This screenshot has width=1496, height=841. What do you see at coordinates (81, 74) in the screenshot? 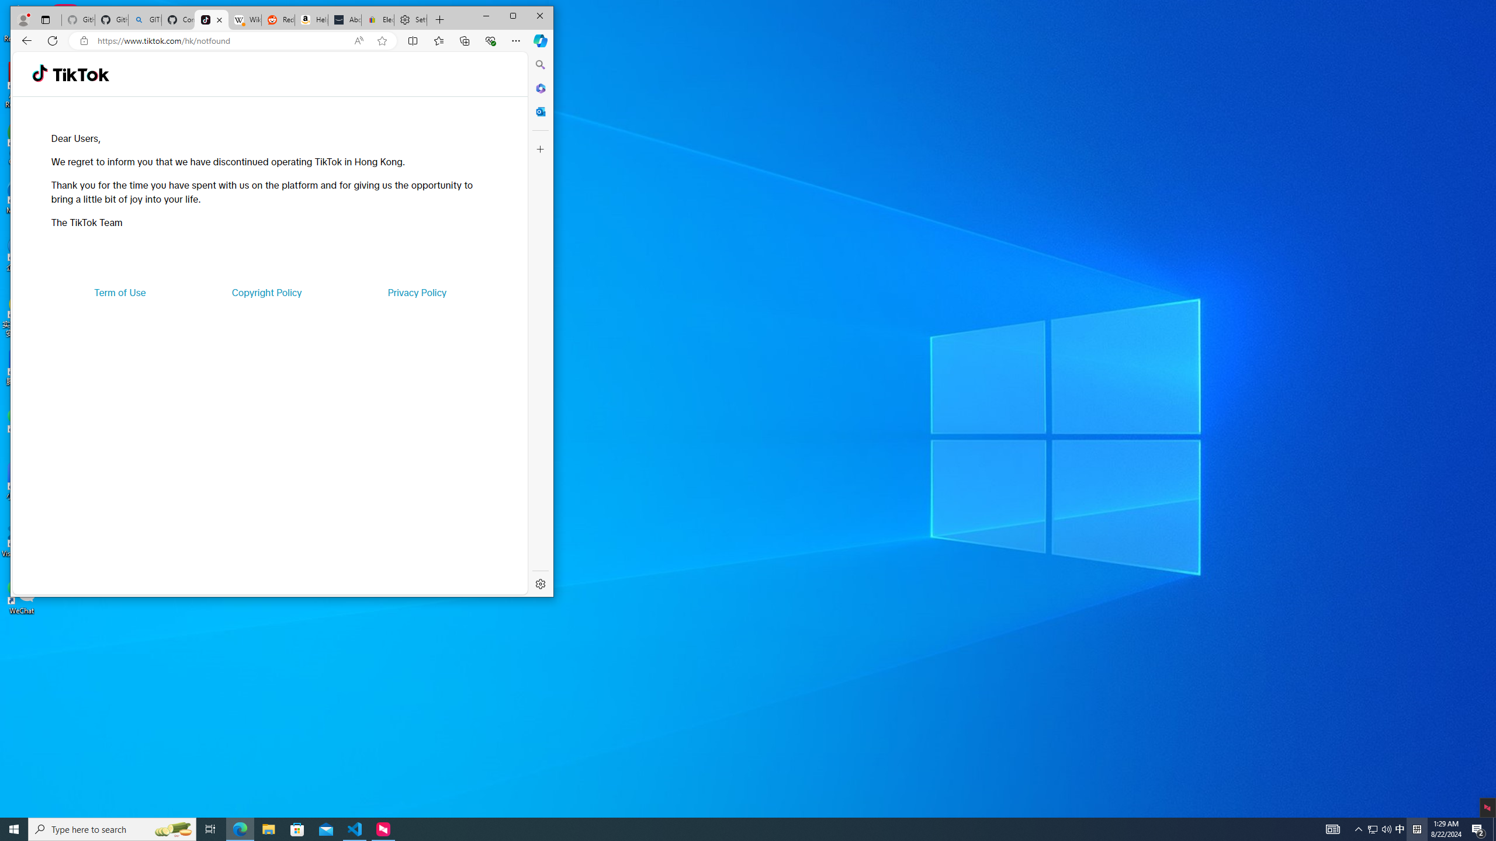
I see `'TikTok'` at bounding box center [81, 74].